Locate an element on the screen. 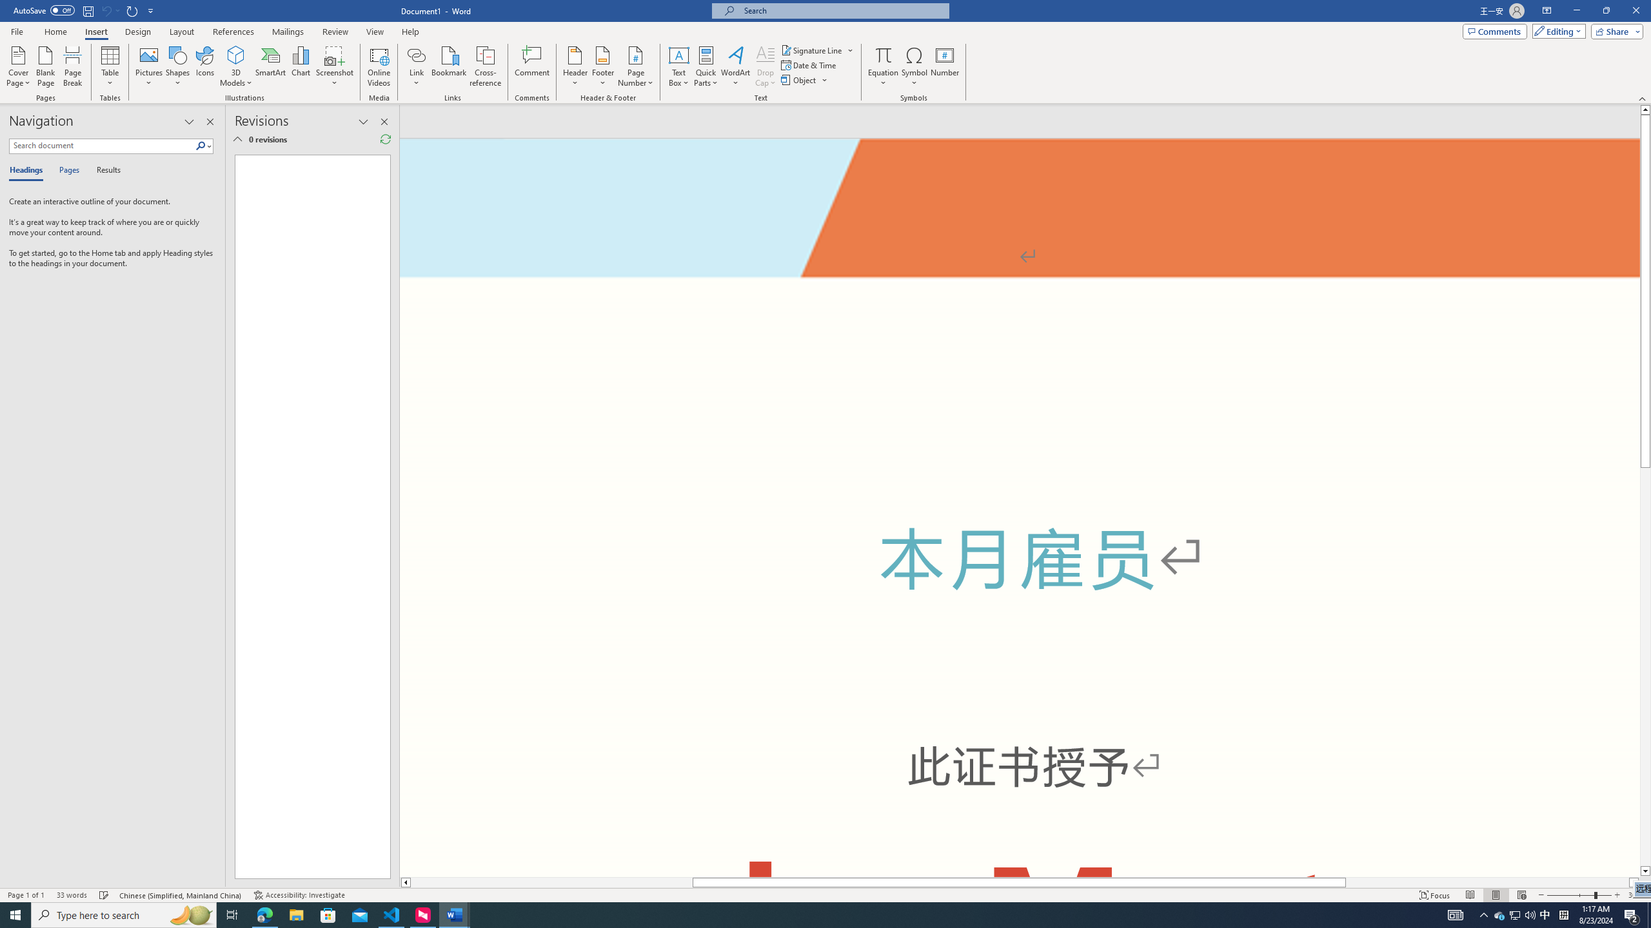  'Icons' is located at coordinates (204, 66).